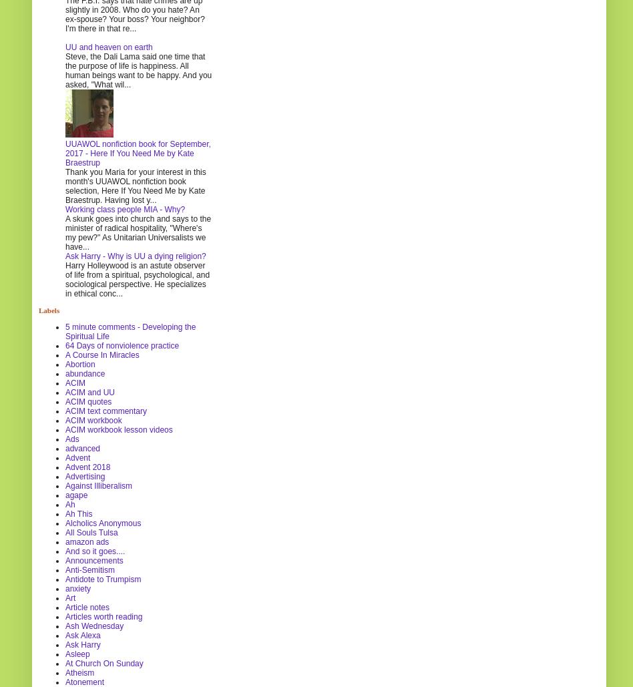 This screenshot has width=633, height=687. I want to click on 'Ask Harry', so click(65, 643).